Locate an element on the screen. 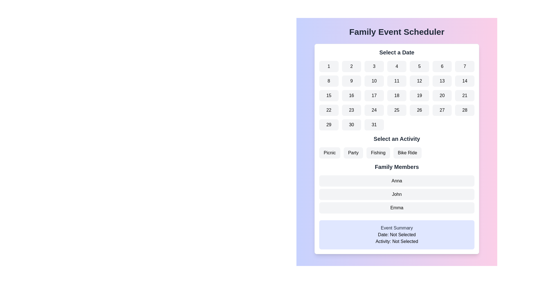 The height and width of the screenshot is (303, 540). the text label displaying the current selection status regarding a date, located within the 'Event Summary' panel, just above the 'Activity: Not Selected' text is located at coordinates (397, 235).